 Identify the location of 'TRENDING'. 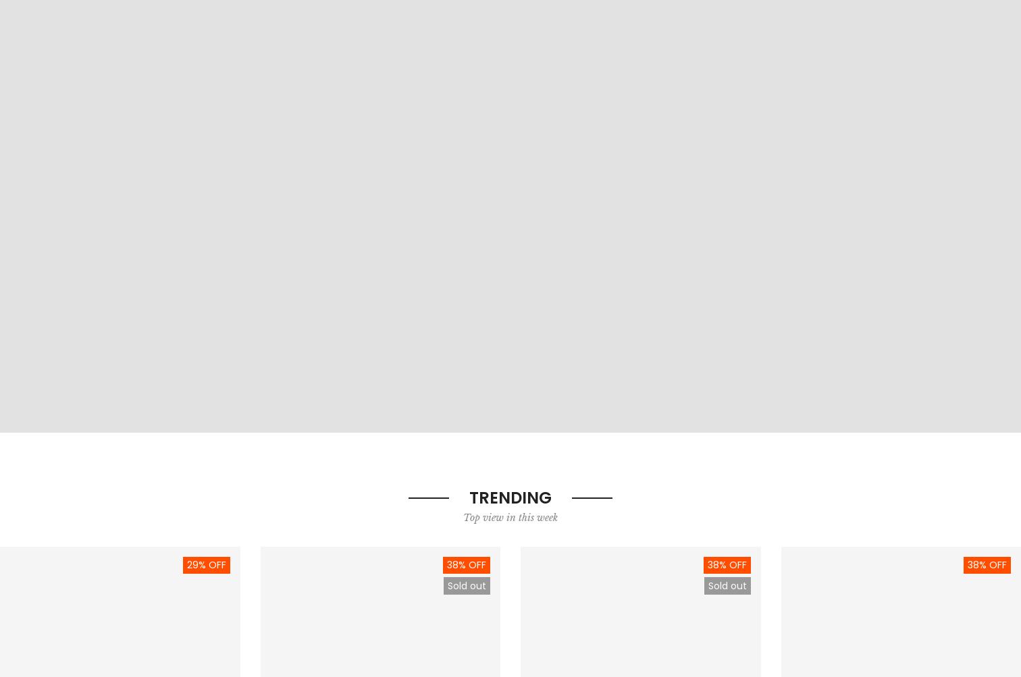
(510, 496).